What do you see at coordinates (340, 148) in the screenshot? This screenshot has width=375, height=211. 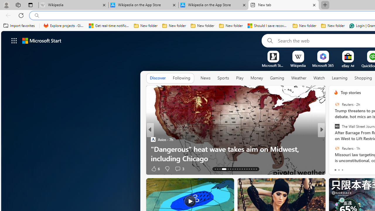 I see `'IT Concept'` at bounding box center [340, 148].